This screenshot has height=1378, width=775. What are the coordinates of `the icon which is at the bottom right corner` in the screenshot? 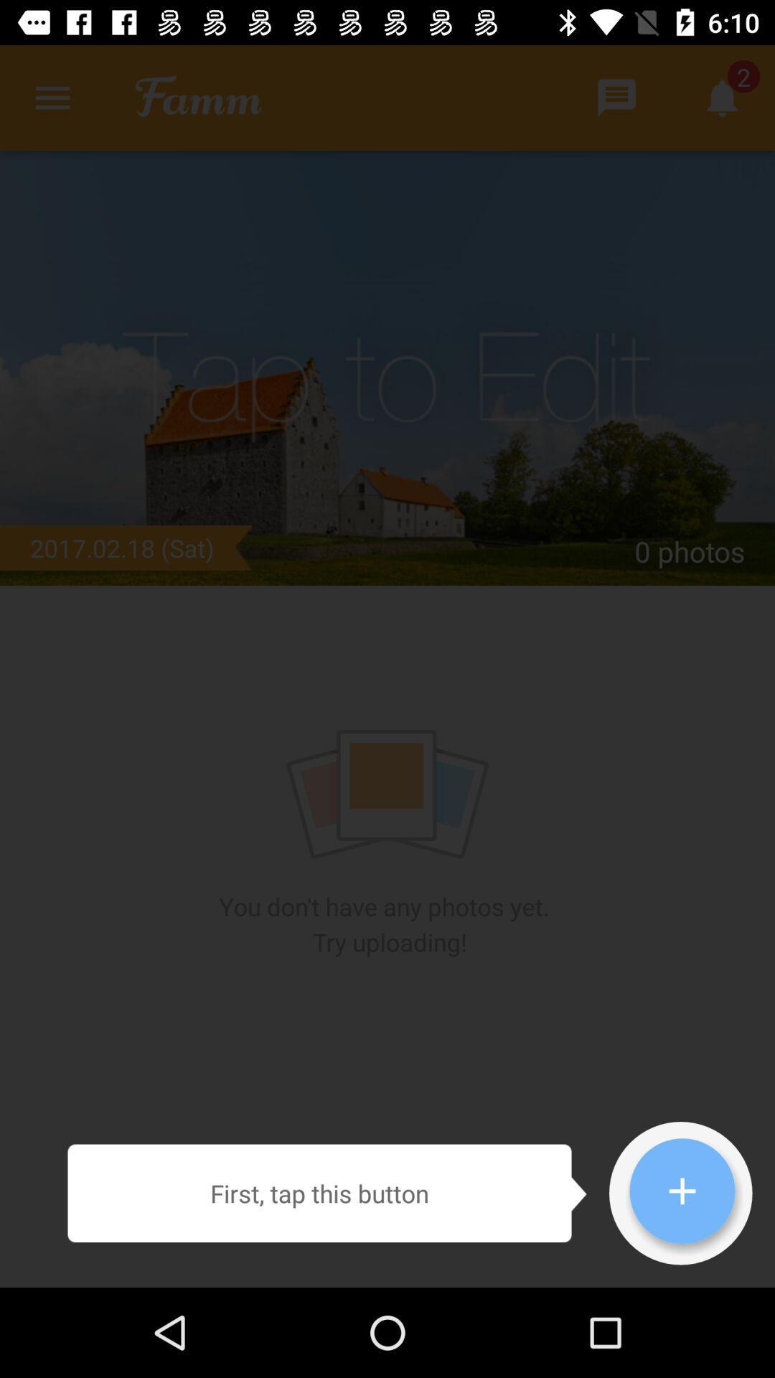 It's located at (682, 1191).